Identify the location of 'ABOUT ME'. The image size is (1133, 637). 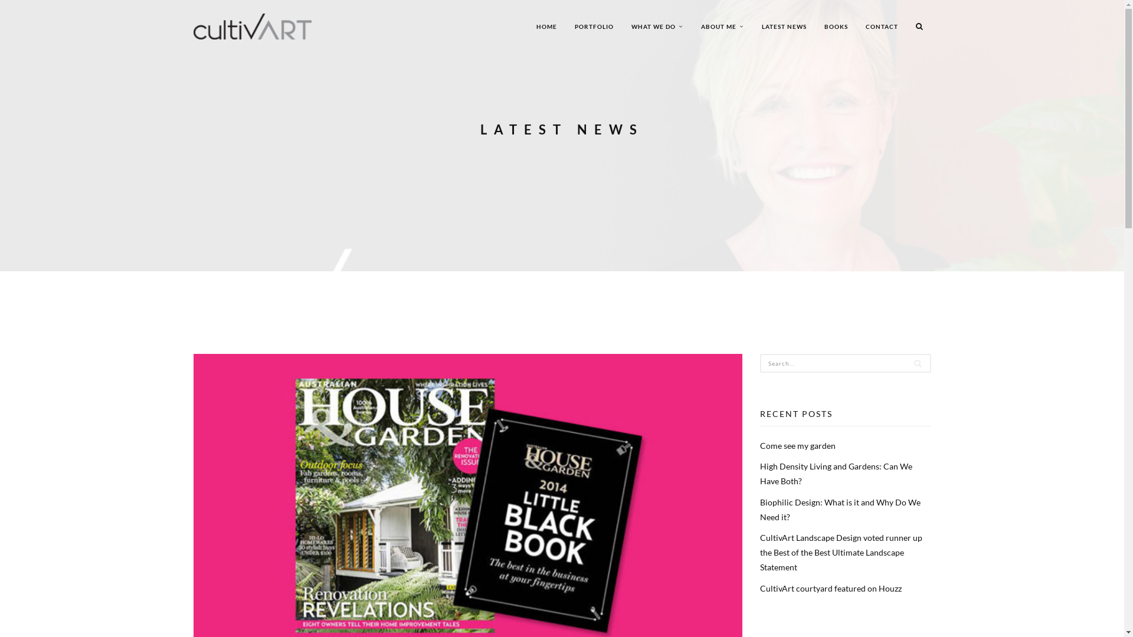
(691, 27).